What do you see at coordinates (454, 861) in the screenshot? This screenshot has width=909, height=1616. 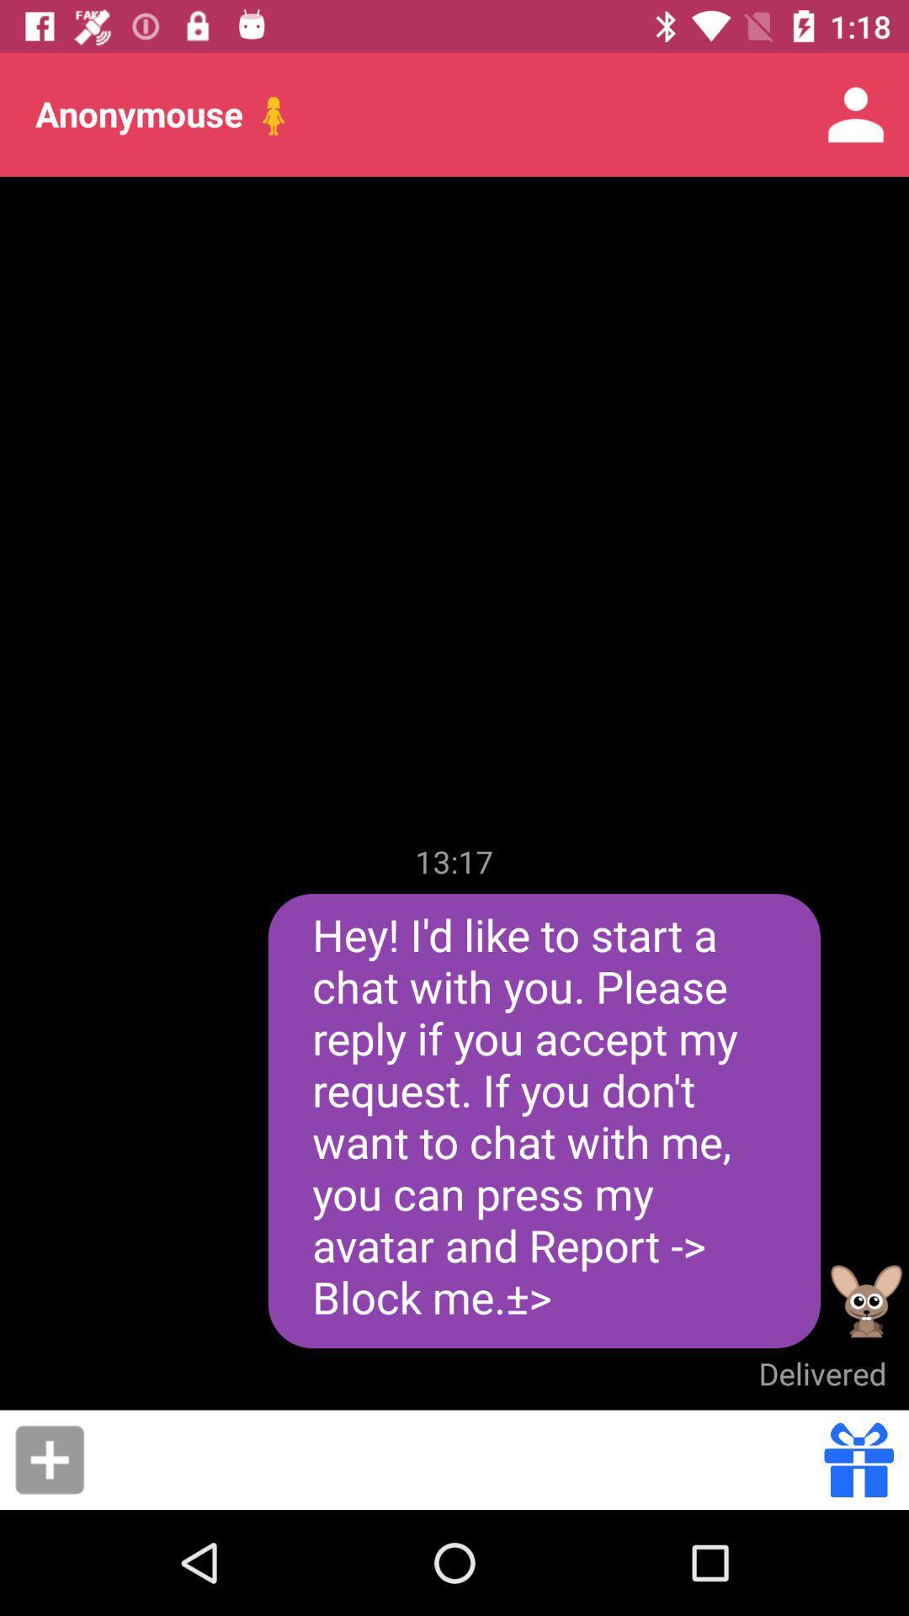 I see `13:17` at bounding box center [454, 861].